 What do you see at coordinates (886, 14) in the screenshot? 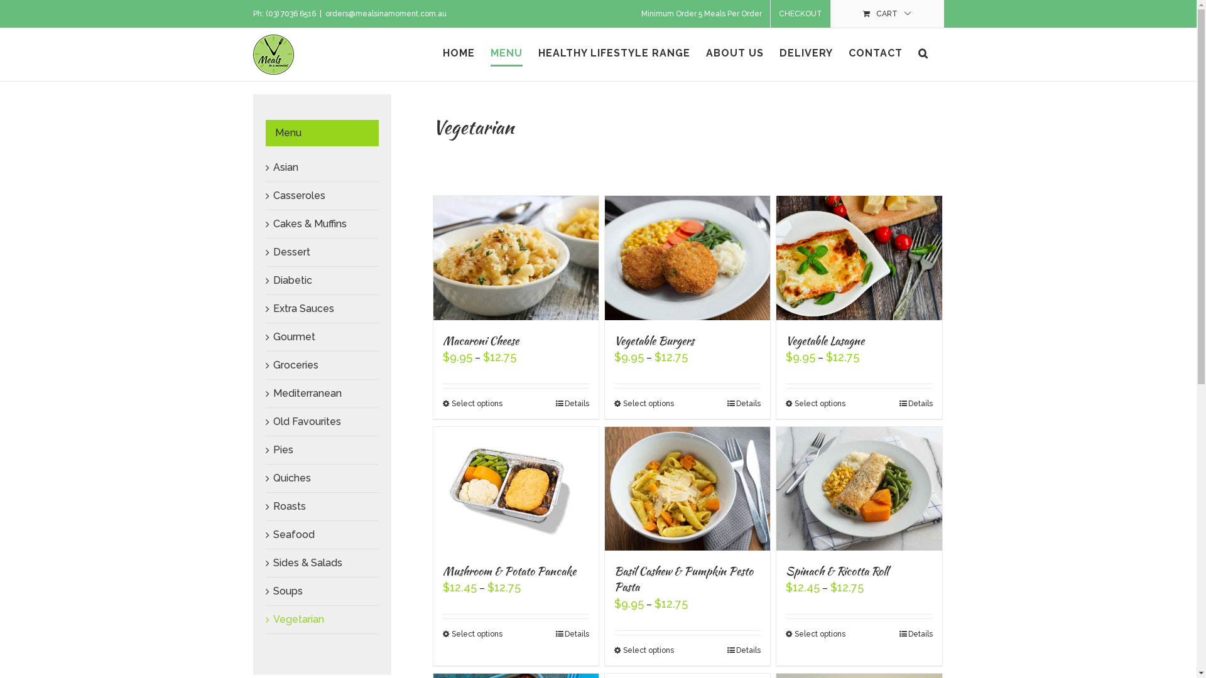
I see `'CART'` at bounding box center [886, 14].